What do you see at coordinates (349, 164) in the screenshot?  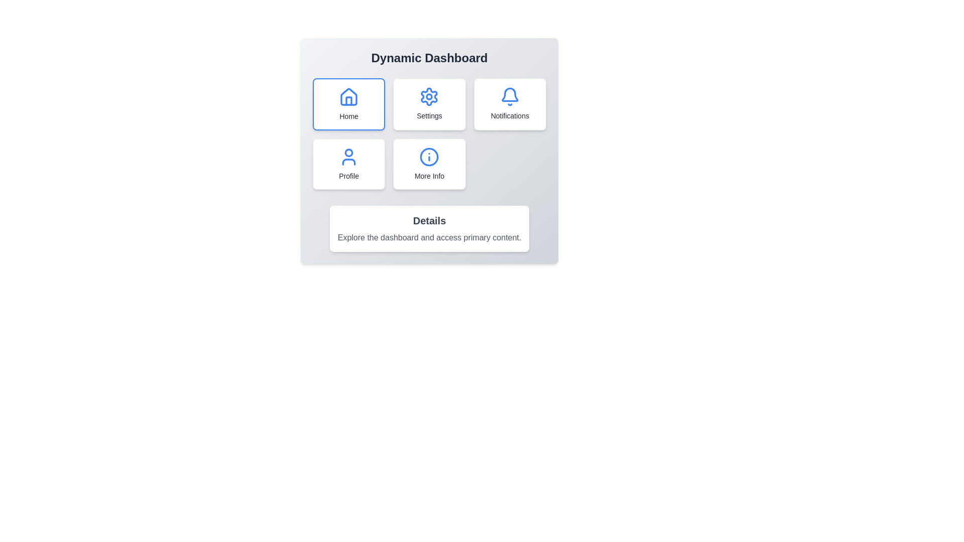 I see `the 'Profile' button located` at bounding box center [349, 164].